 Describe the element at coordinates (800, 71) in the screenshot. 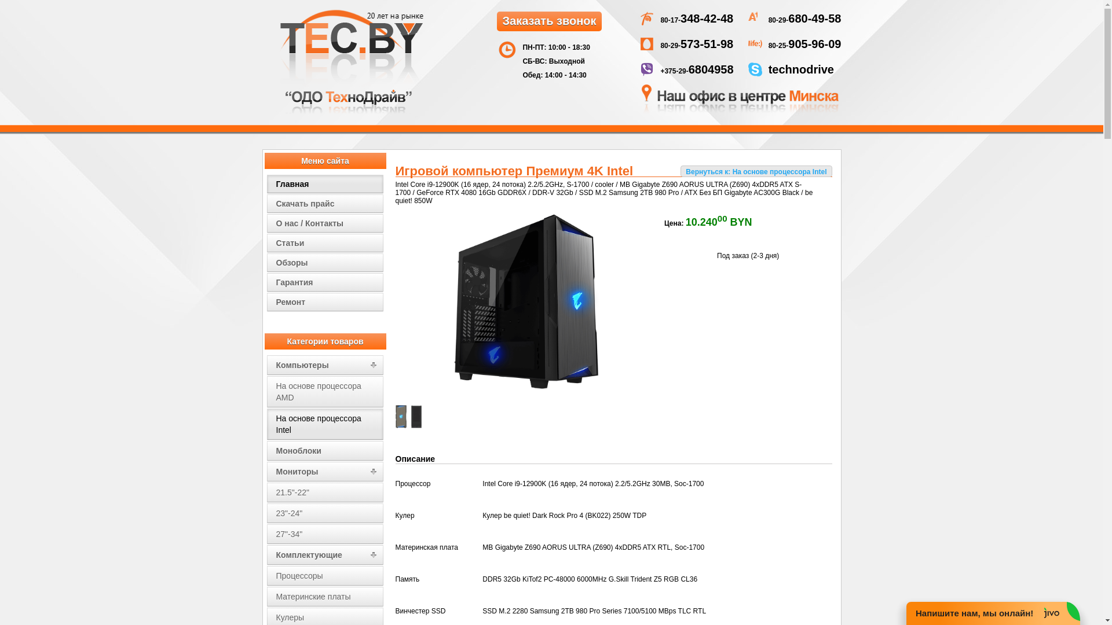

I see `'technodrive'` at that location.